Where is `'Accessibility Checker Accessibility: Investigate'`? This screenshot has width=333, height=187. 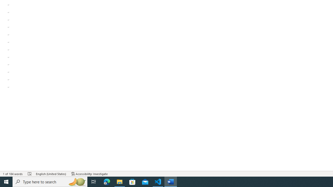 'Accessibility Checker Accessibility: Investigate' is located at coordinates (89, 174).